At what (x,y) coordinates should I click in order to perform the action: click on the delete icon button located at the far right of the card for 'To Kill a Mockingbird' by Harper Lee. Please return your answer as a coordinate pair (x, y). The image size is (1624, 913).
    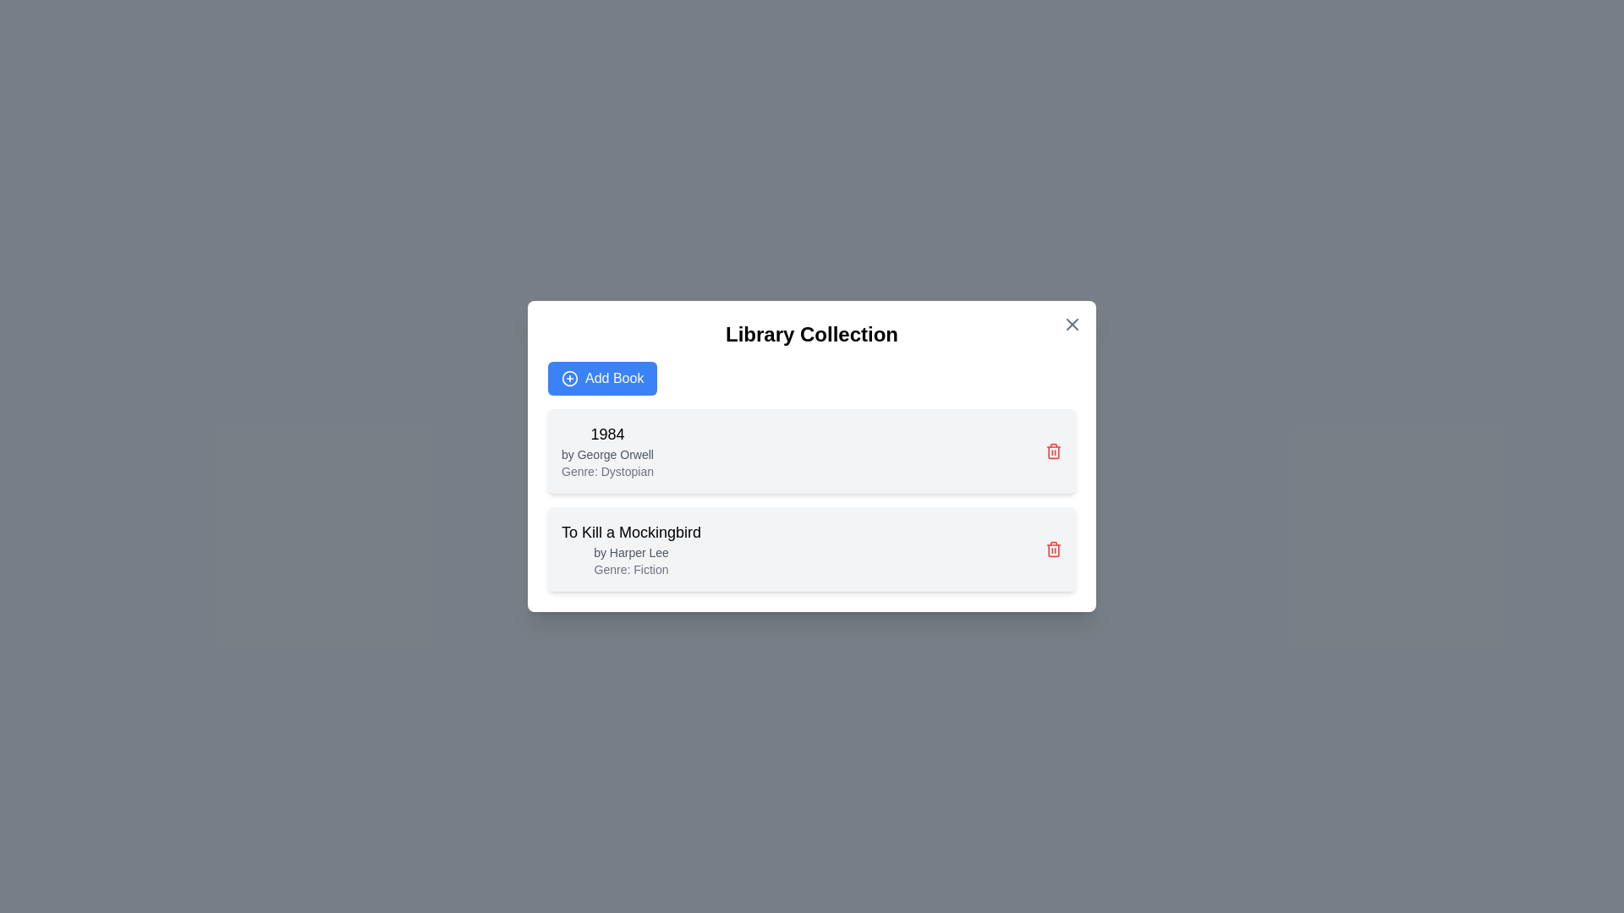
    Looking at the image, I should click on (1053, 549).